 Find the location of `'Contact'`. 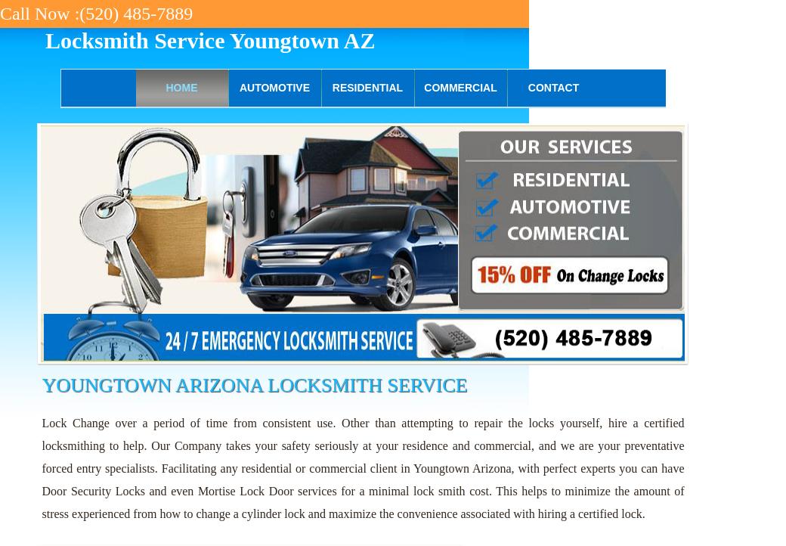

'Contact' is located at coordinates (552, 87).